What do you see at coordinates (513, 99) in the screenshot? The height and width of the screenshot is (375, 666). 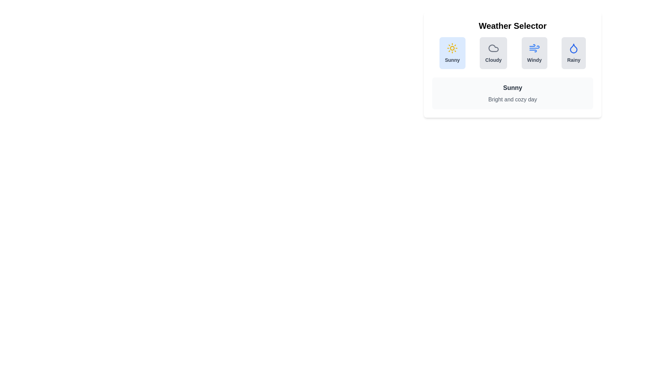 I see `the Text Label that provides additional details about the current weather condition, located below the 'Sunny' label in a white rounded box` at bounding box center [513, 99].